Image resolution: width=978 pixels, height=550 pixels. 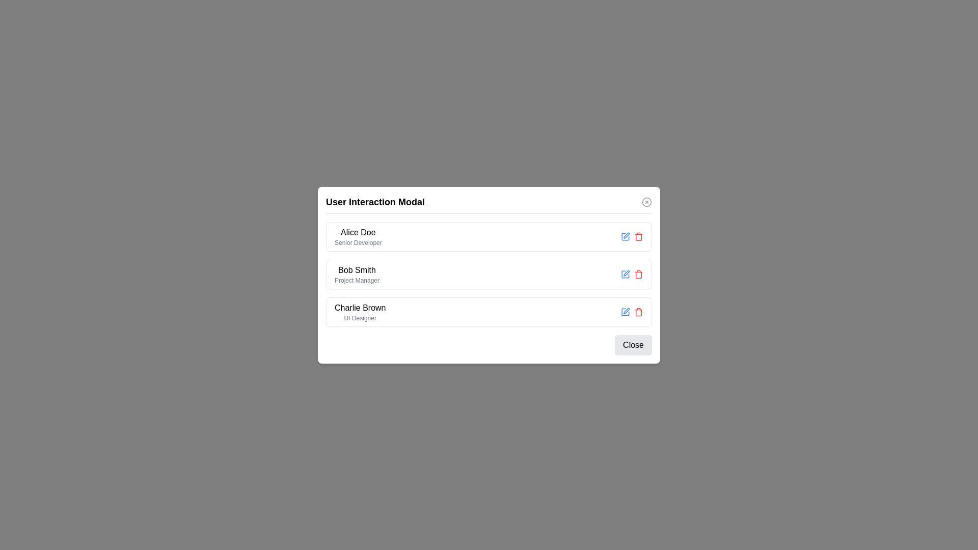 What do you see at coordinates (646, 202) in the screenshot?
I see `the circular close button located in the top-right corner of the modal to receive possible feedback` at bounding box center [646, 202].